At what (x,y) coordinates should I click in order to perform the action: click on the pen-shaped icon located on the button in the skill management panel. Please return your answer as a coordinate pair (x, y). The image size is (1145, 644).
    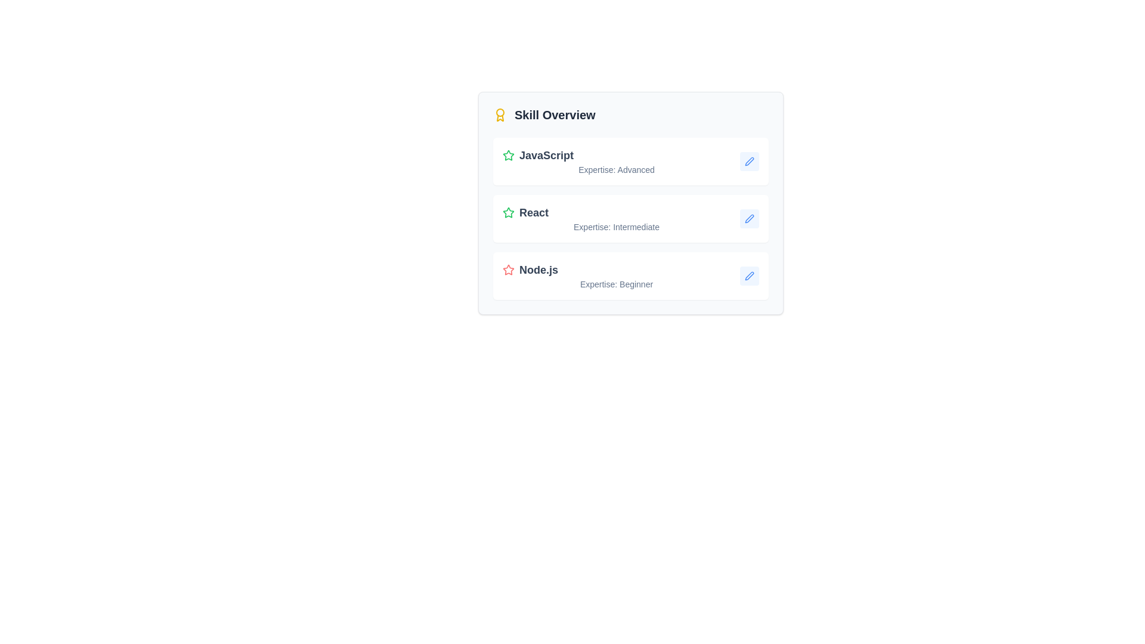
    Looking at the image, I should click on (749, 161).